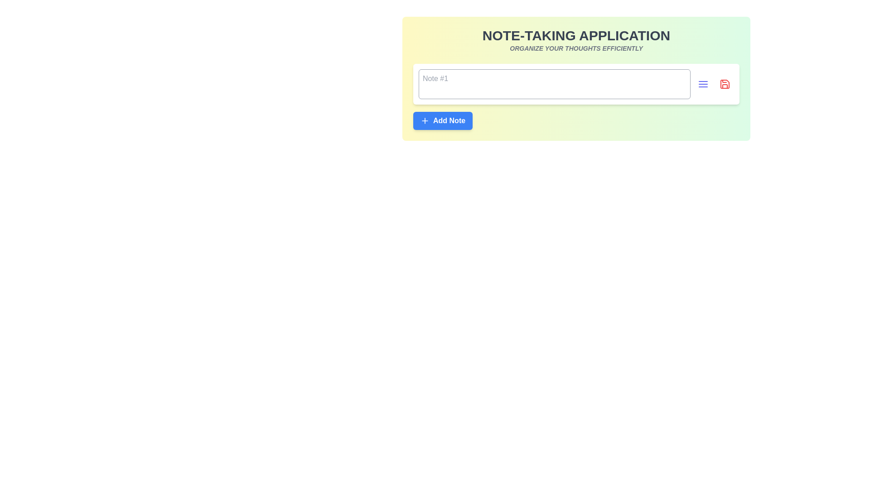 The image size is (870, 489). I want to click on the clickable icon button represented by three stacked horizontal lines, which is located to the left of the red delete button, so click(702, 84).